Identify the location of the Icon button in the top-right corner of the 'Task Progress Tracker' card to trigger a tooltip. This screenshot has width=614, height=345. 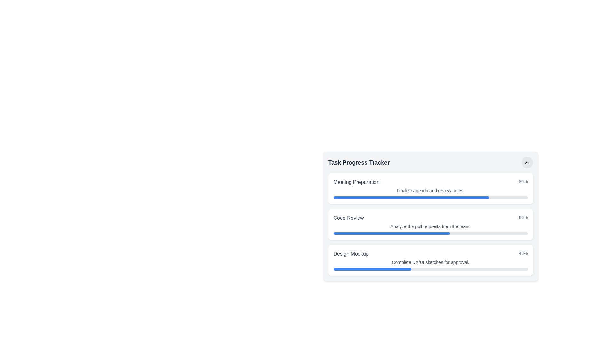
(527, 162).